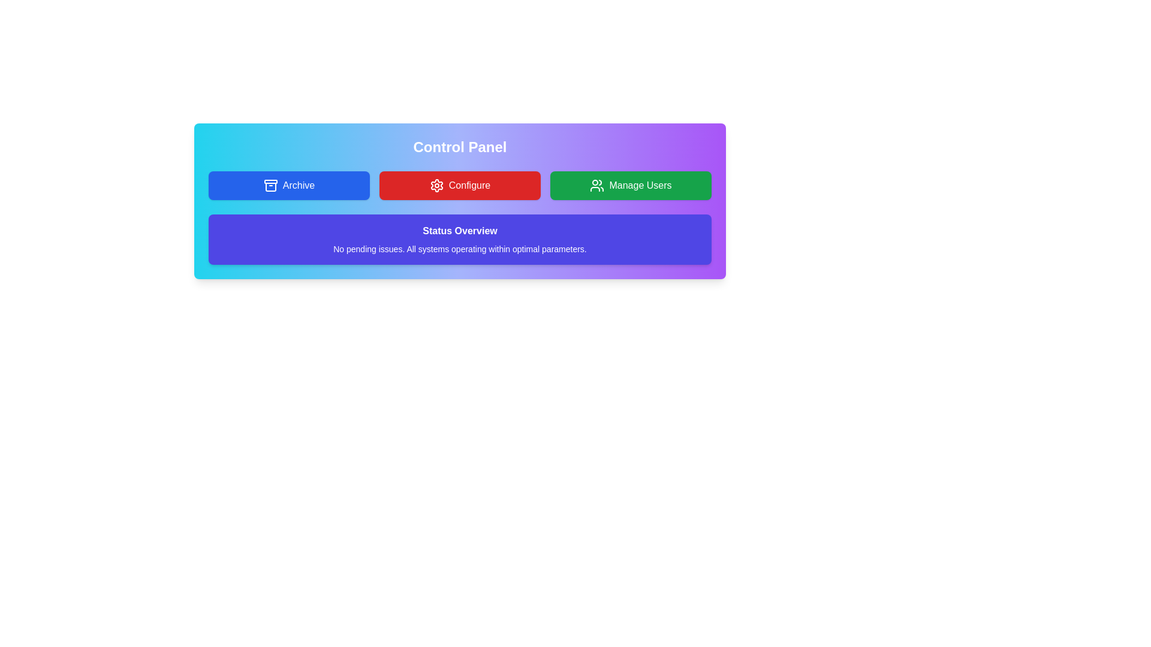  Describe the element at coordinates (436, 185) in the screenshot. I see `the gear icon representing the configuration function within the 'Configure' button, located between the 'Archive' and 'Manage Users' buttons` at that location.